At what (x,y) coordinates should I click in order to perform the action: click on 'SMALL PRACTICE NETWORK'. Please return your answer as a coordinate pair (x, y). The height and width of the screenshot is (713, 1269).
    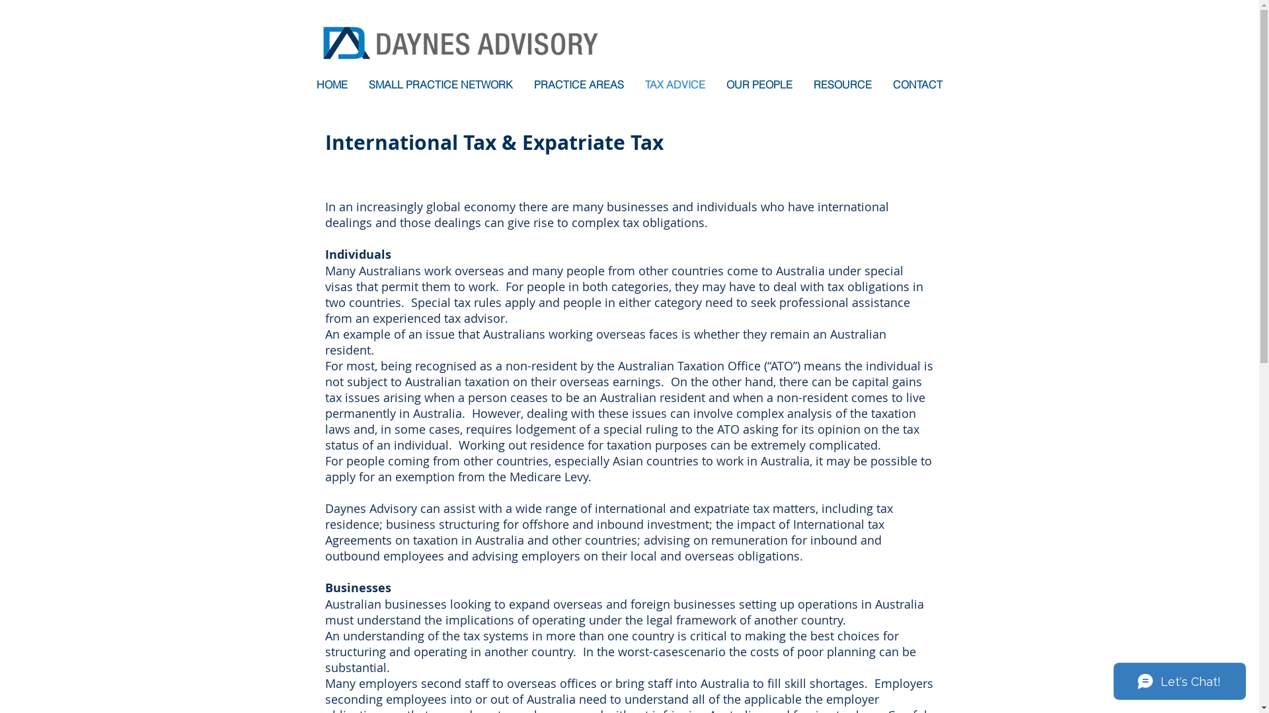
    Looking at the image, I should click on (441, 84).